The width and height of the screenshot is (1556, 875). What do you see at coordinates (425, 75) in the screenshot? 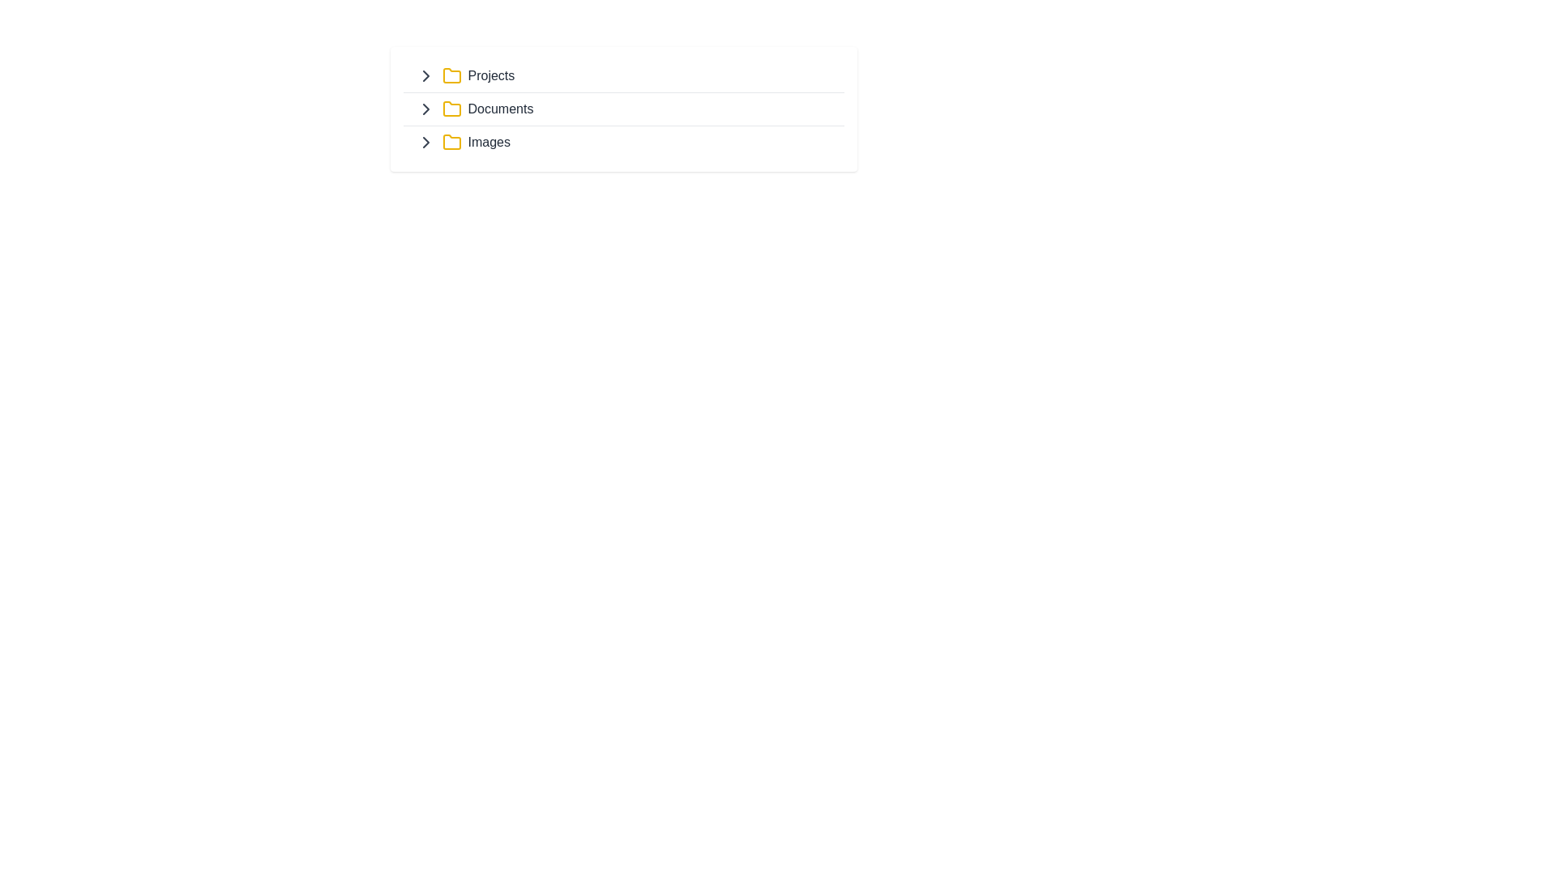
I see `the chevron icon that indicates the ability to expand or collapse the 'Projects' section` at bounding box center [425, 75].